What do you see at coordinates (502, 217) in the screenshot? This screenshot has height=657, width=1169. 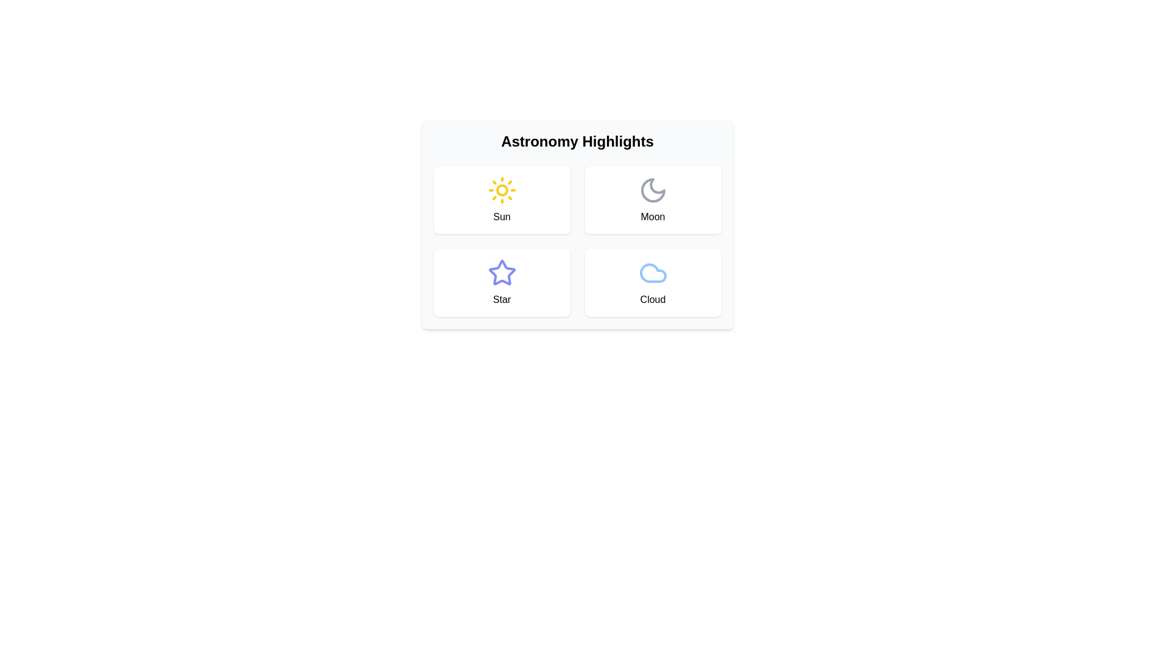 I see `the 'Sun' label text widget, which is displayed in bold and centered below the 'Astronomy Highlights' header, accompanied by a sun icon` at bounding box center [502, 217].